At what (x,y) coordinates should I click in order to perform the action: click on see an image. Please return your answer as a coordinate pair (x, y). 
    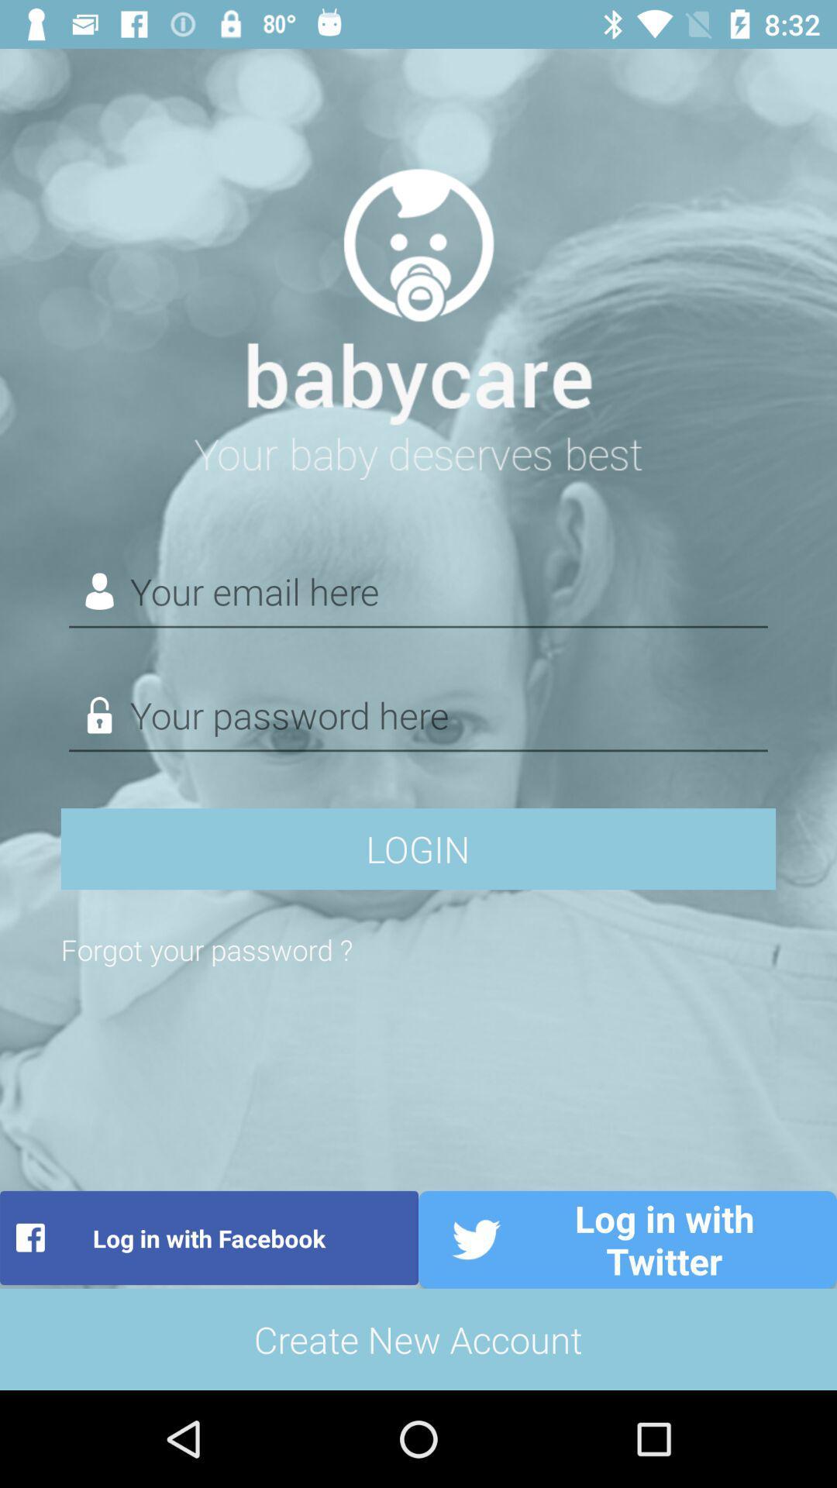
    Looking at the image, I should click on (418, 314).